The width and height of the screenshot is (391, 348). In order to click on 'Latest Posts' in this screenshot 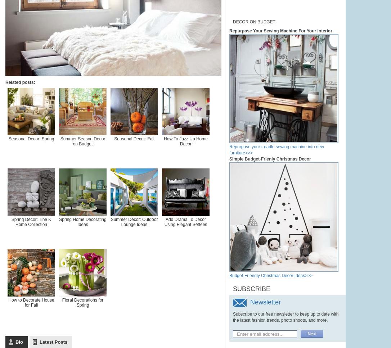, I will do `click(53, 342)`.